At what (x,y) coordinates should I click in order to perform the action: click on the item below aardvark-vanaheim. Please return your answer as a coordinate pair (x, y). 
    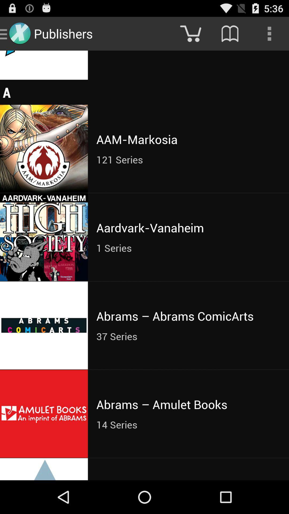
    Looking at the image, I should click on (188, 248).